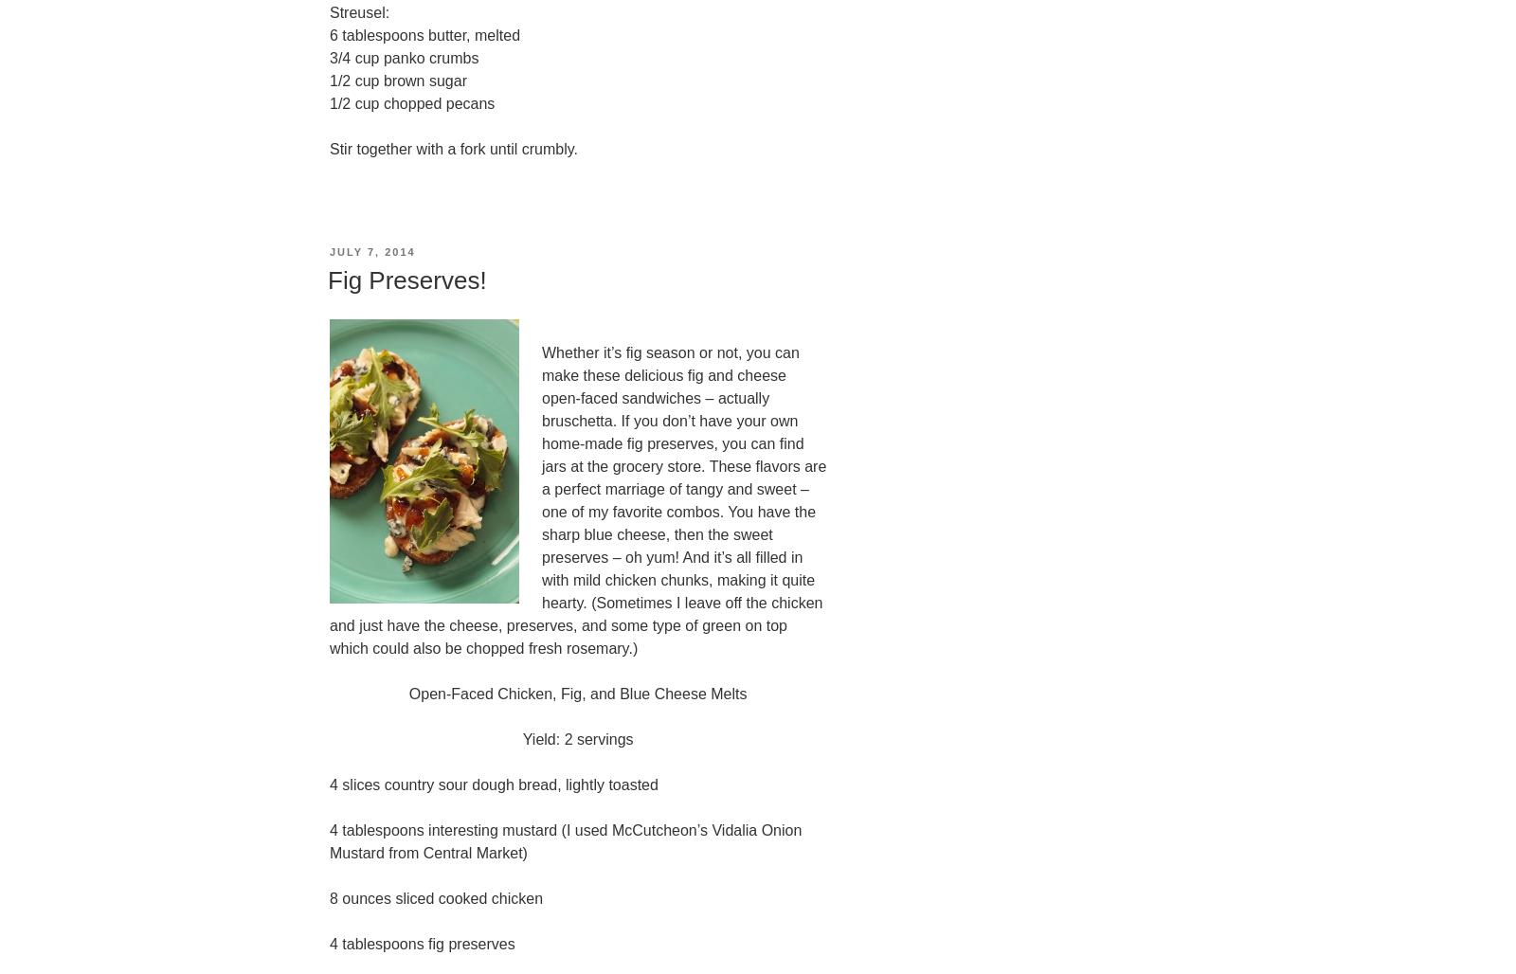 The width and height of the screenshot is (1516, 974). Describe the element at coordinates (330, 942) in the screenshot. I see `'4 tablespoons fig preserves'` at that location.